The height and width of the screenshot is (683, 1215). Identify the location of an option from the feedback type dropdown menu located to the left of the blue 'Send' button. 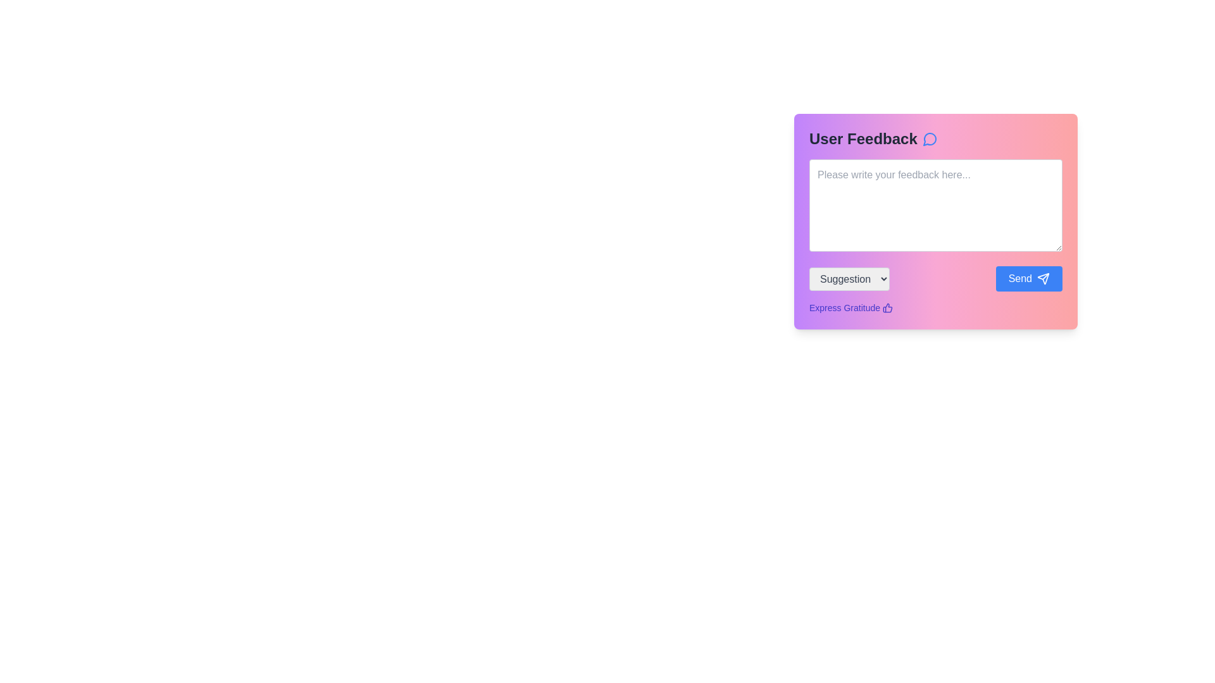
(849, 278).